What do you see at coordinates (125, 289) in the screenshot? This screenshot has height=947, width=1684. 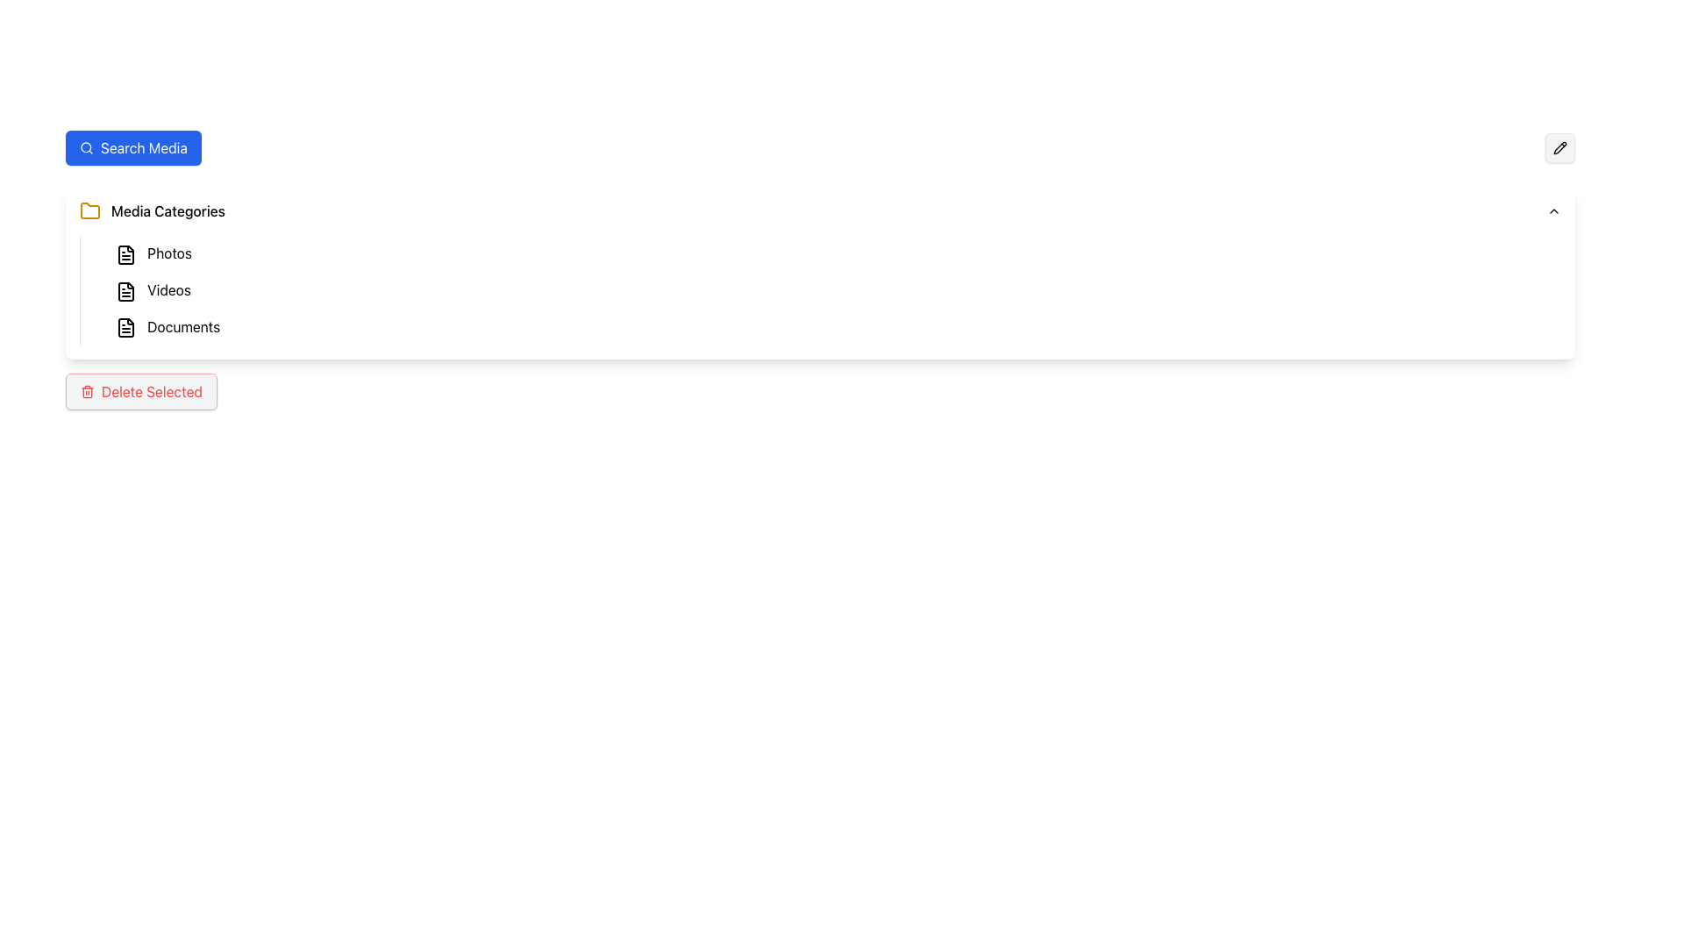 I see `the 'Videos' icon` at bounding box center [125, 289].